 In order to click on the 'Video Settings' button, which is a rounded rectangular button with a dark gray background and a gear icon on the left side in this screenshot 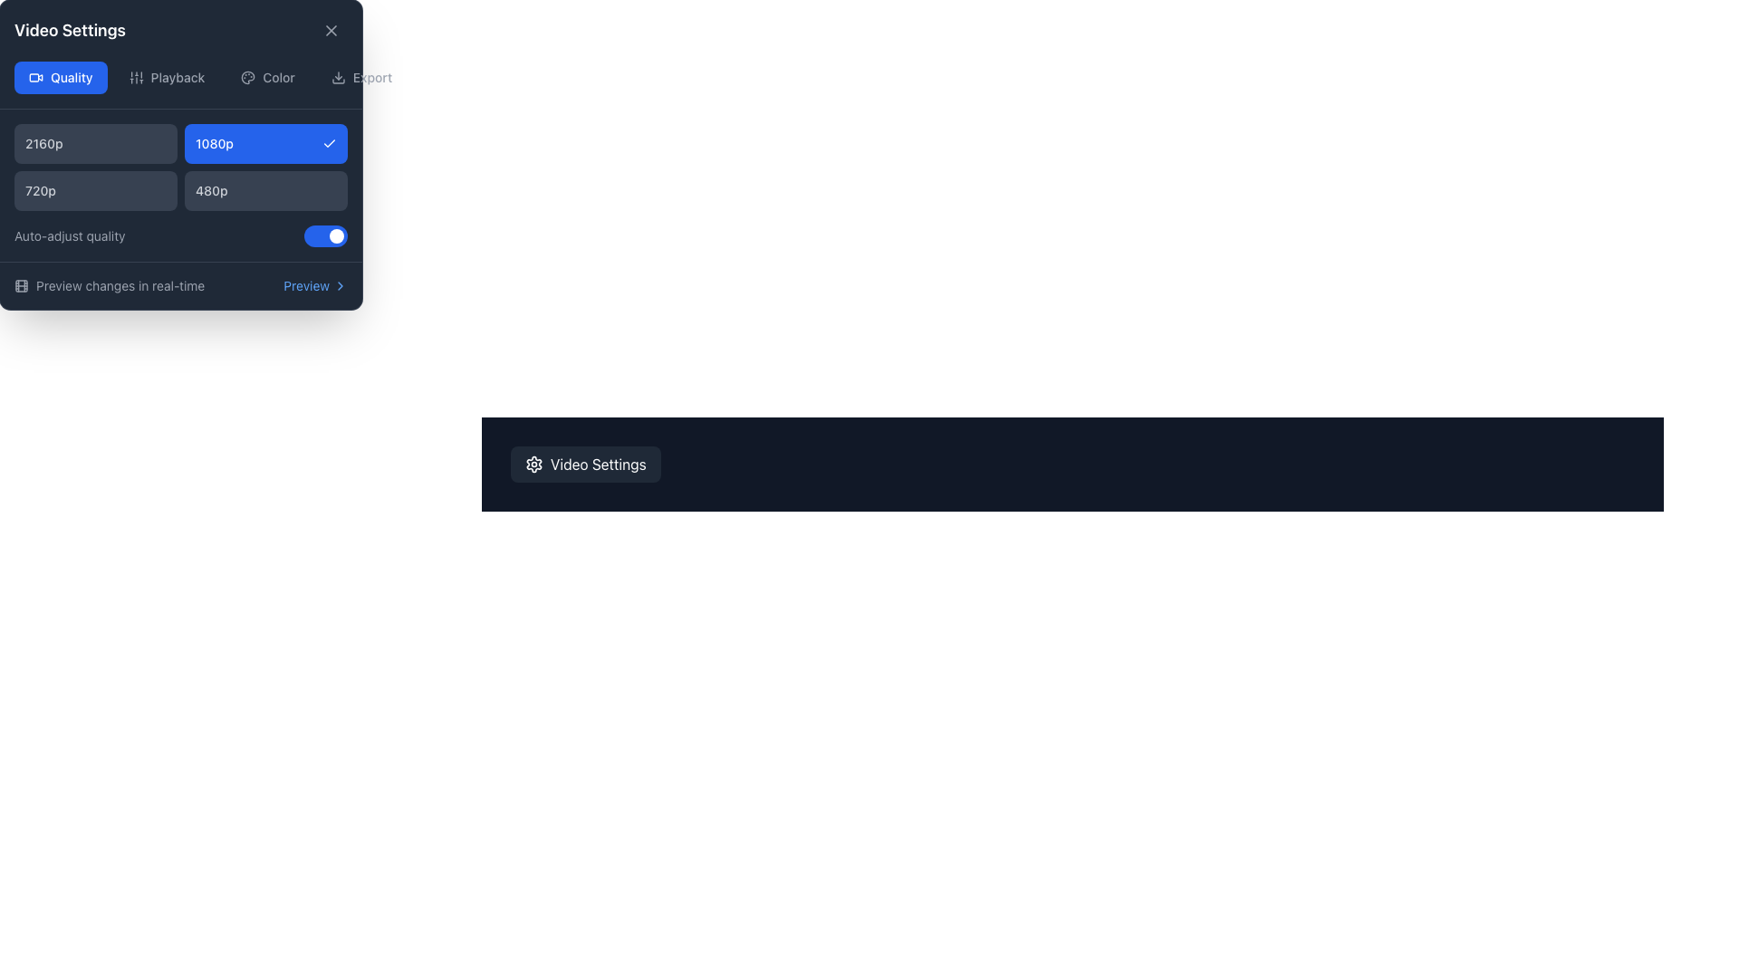, I will do `click(585, 464)`.